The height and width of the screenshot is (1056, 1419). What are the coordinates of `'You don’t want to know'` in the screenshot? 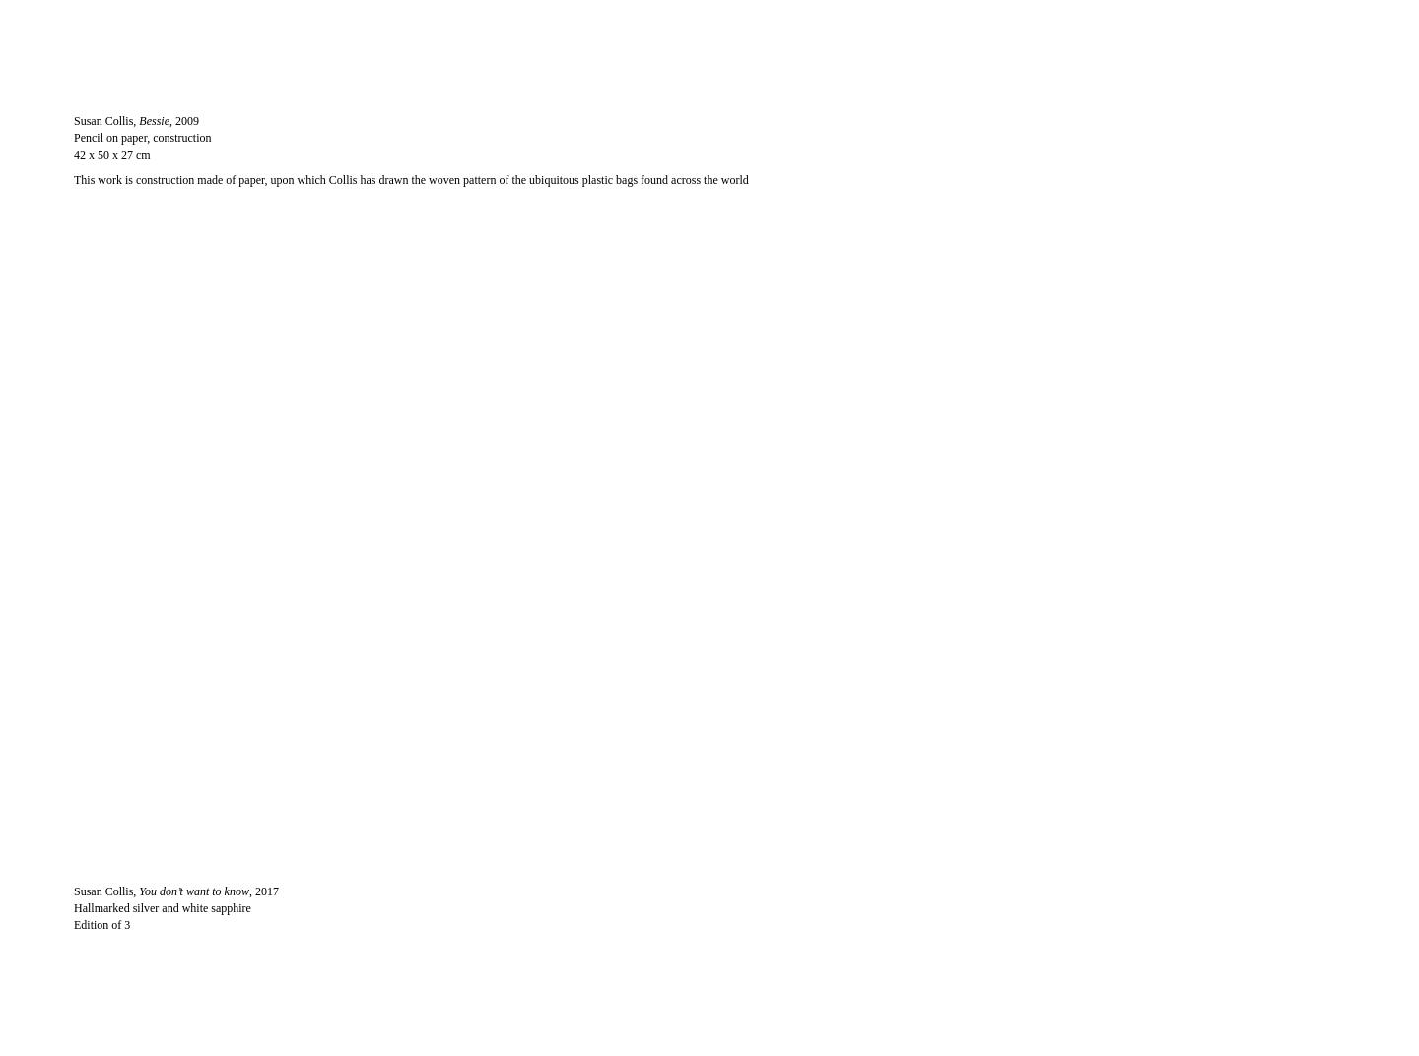 It's located at (193, 891).